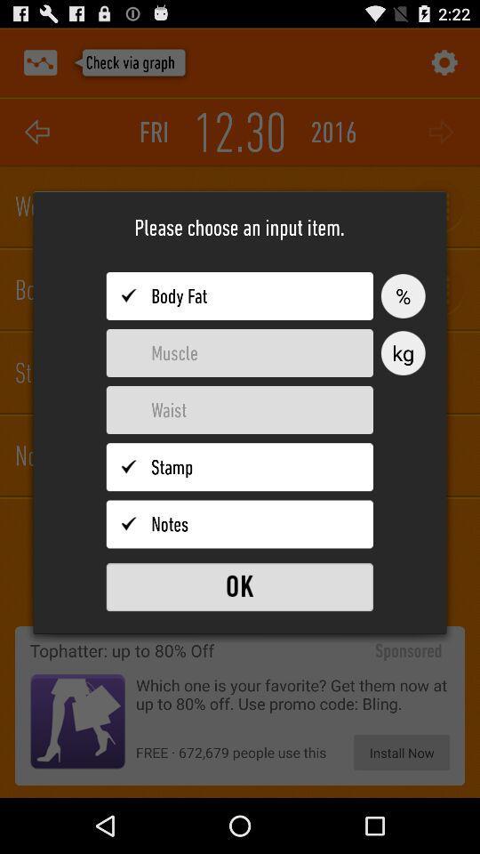  I want to click on input notes, so click(239, 524).